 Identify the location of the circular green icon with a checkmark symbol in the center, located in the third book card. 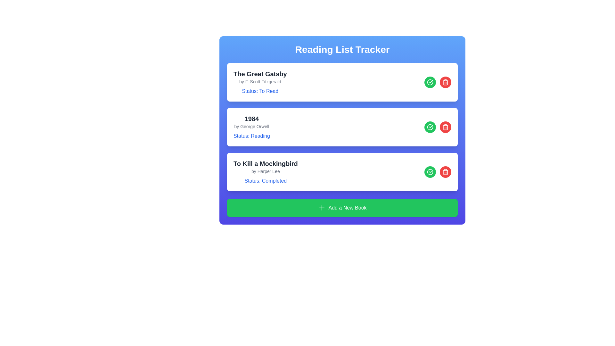
(430, 171).